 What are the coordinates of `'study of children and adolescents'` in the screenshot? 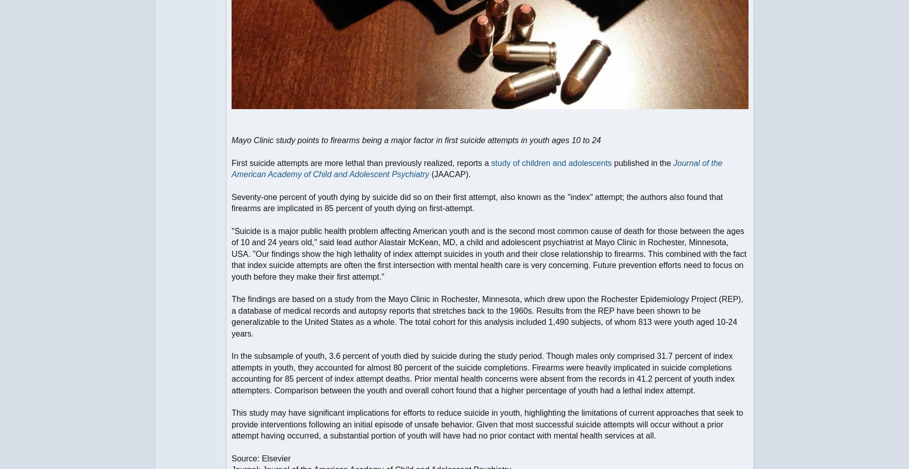 It's located at (551, 162).